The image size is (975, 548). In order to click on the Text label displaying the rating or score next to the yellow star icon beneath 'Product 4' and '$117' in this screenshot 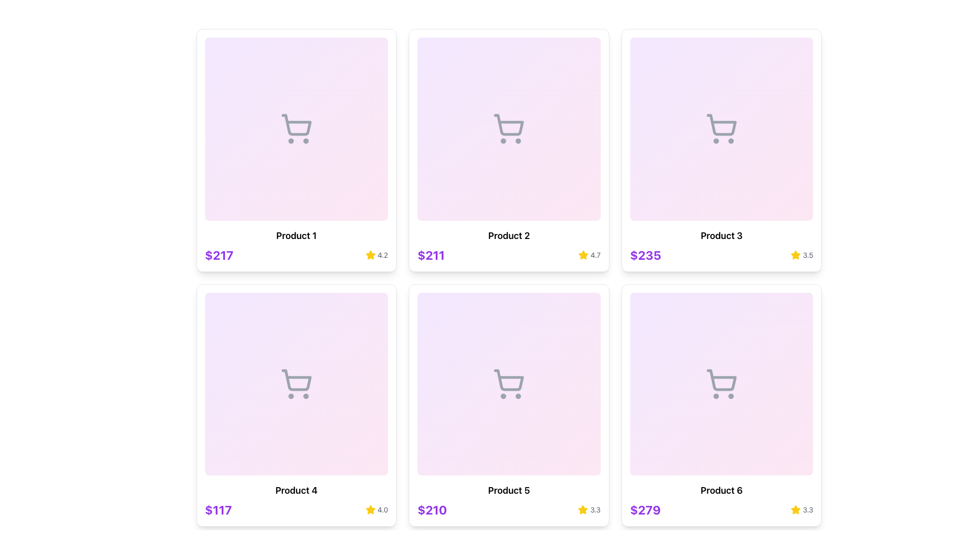, I will do `click(382, 510)`.